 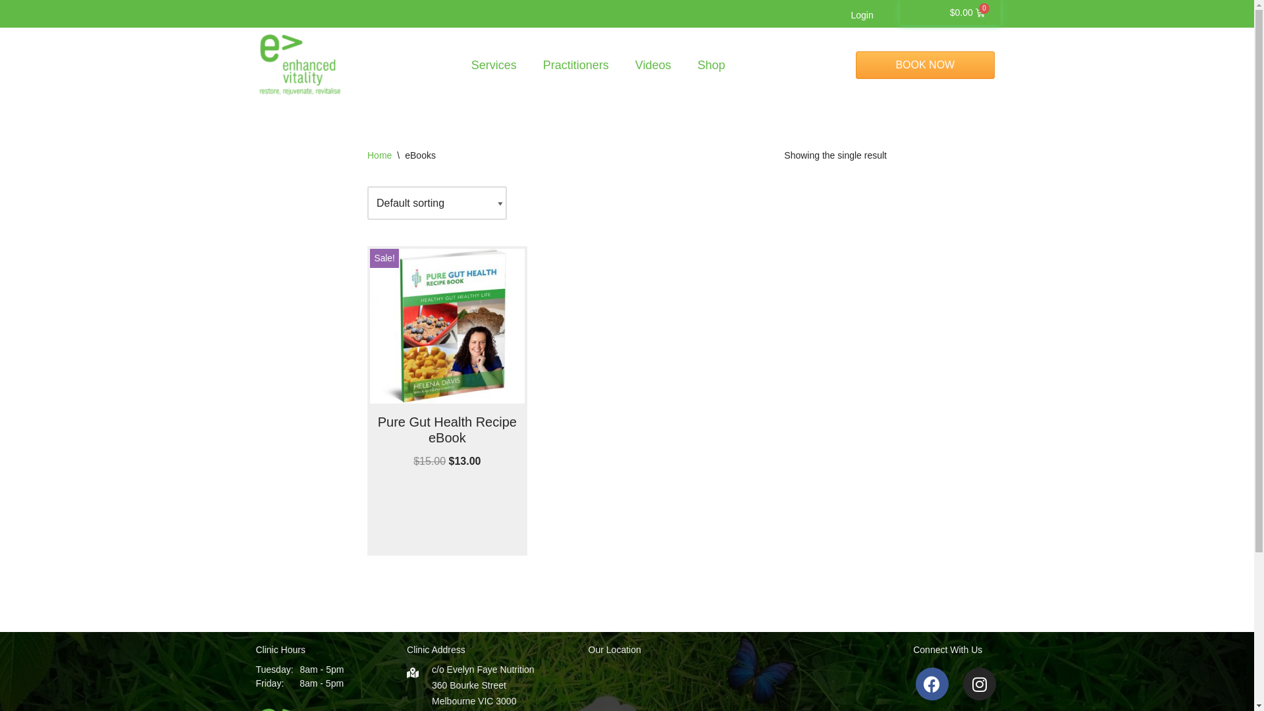 What do you see at coordinates (710, 65) in the screenshot?
I see `'Shop'` at bounding box center [710, 65].